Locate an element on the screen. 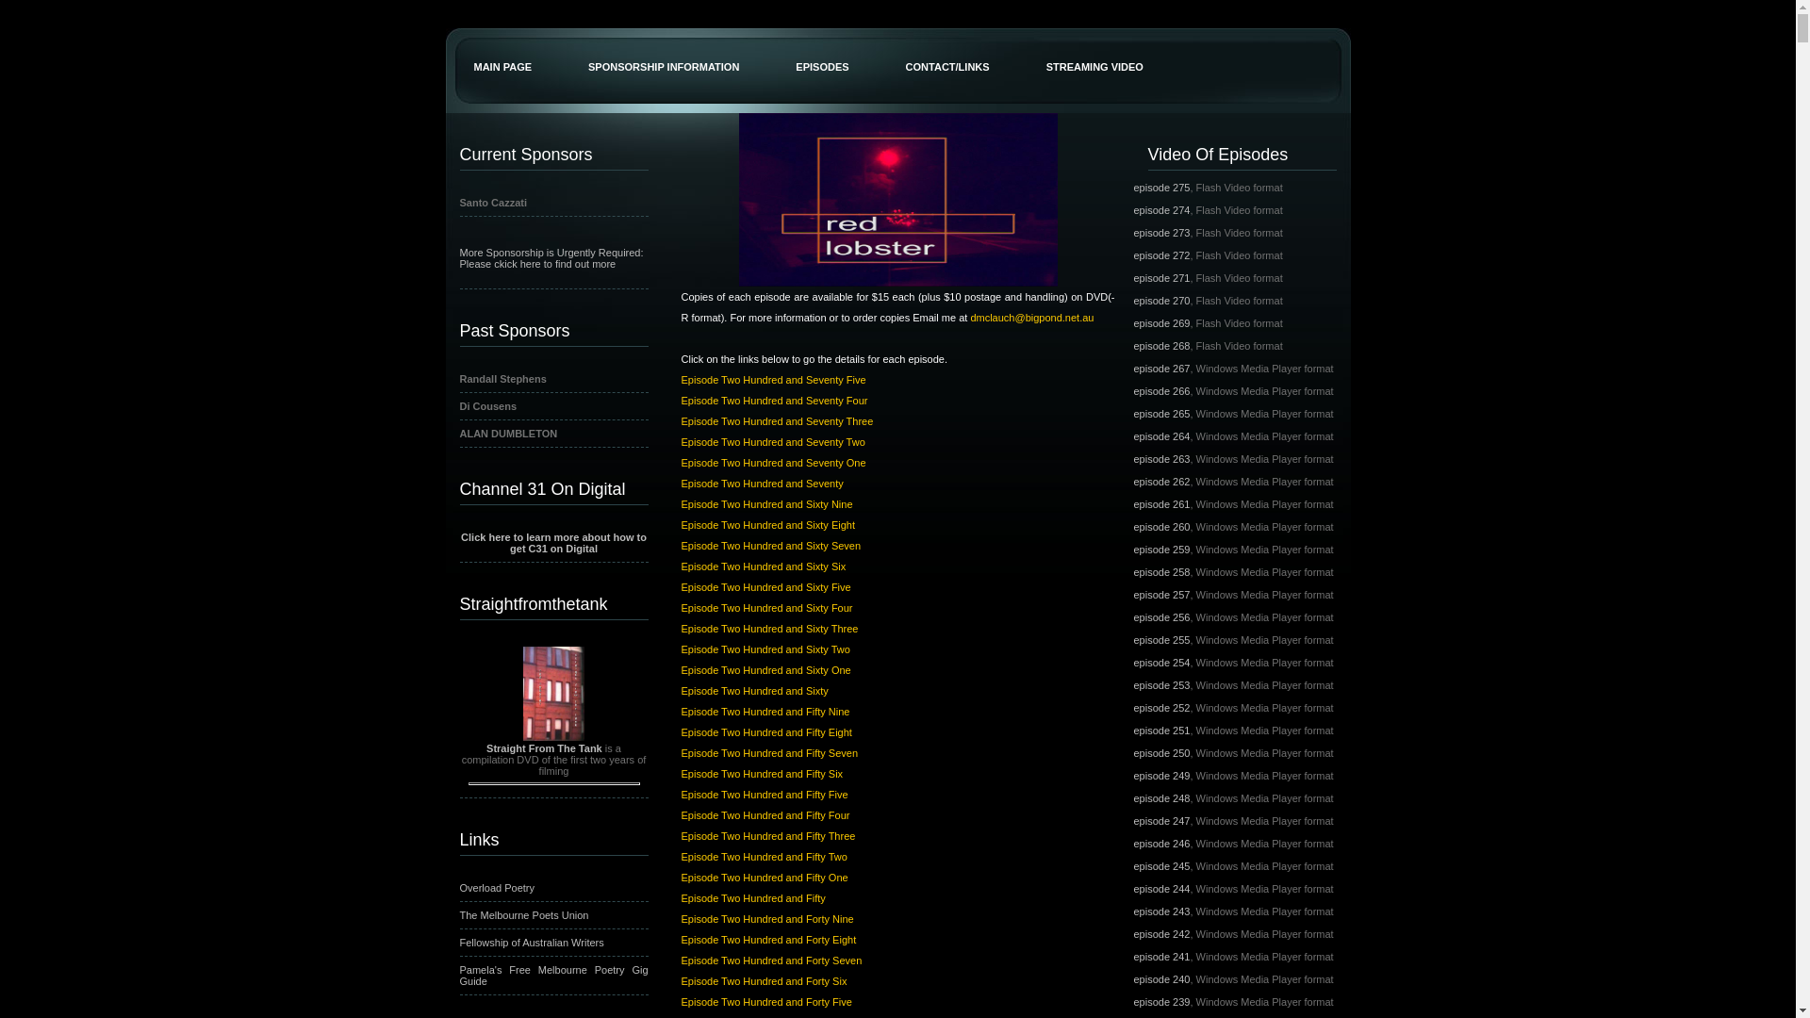 The image size is (1810, 1018). 'episode 268' is located at coordinates (1160, 345).